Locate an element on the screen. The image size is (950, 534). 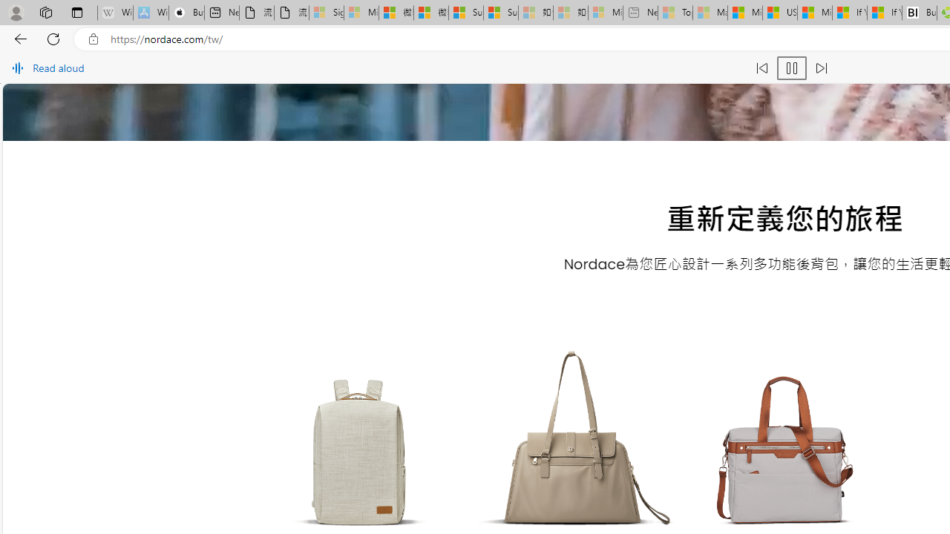
'Top Stories - MSN - Sleeping' is located at coordinates (675, 13).